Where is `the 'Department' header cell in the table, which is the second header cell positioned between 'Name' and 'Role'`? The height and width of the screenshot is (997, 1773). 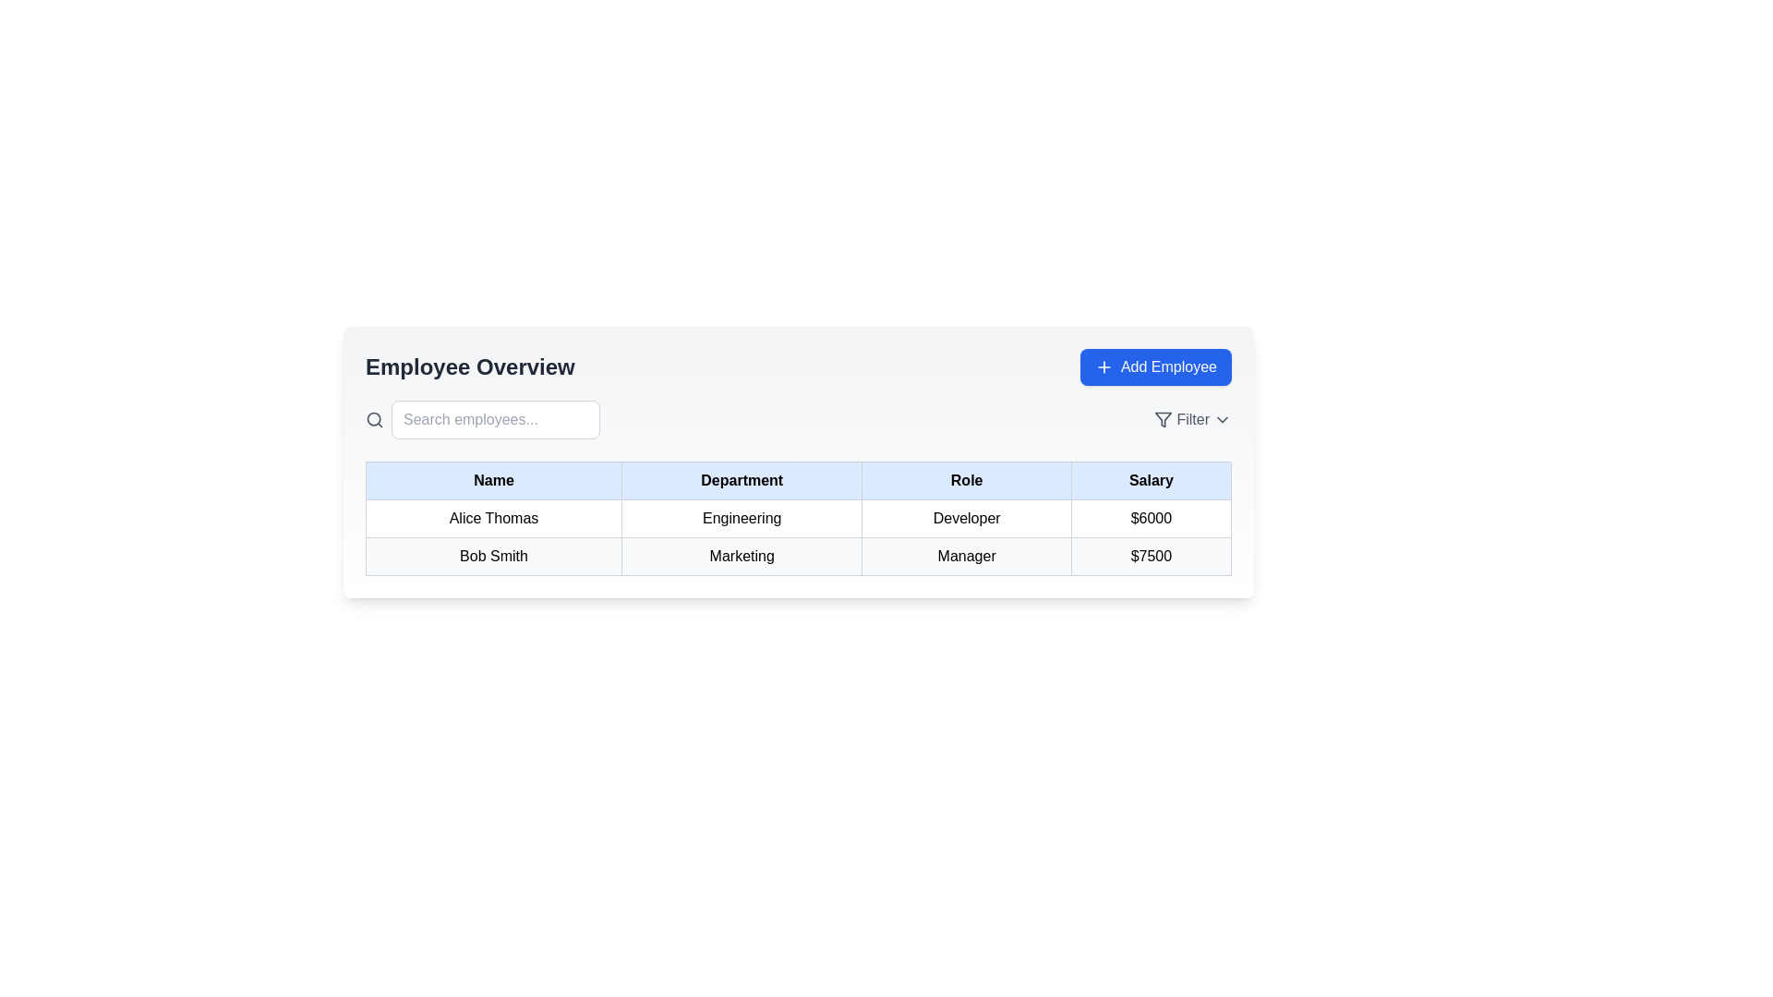
the 'Department' header cell in the table, which is the second header cell positioned between 'Name' and 'Role' is located at coordinates (742, 479).